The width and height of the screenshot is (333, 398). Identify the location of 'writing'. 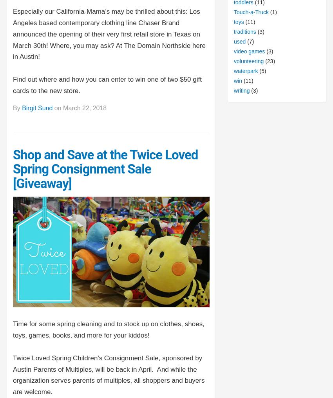
(233, 89).